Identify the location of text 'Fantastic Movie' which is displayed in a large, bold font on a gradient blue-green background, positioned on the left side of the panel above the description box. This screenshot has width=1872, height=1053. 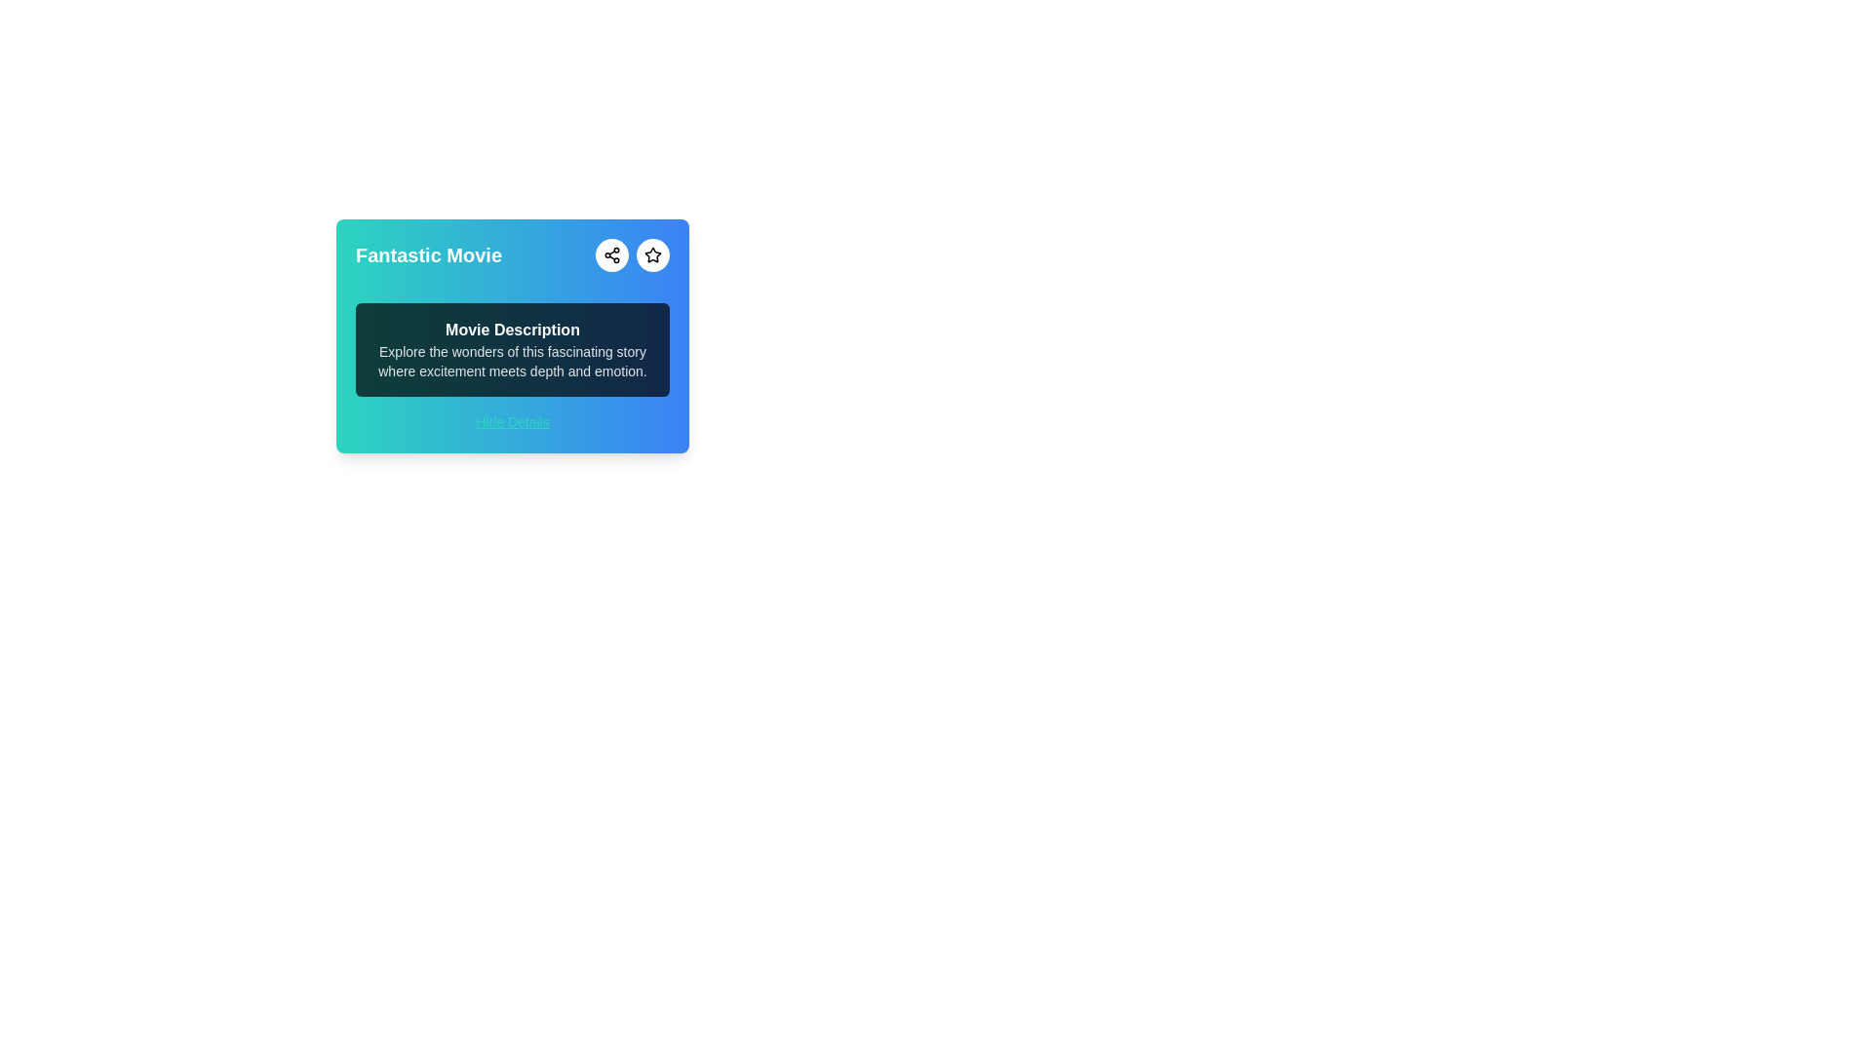
(428, 254).